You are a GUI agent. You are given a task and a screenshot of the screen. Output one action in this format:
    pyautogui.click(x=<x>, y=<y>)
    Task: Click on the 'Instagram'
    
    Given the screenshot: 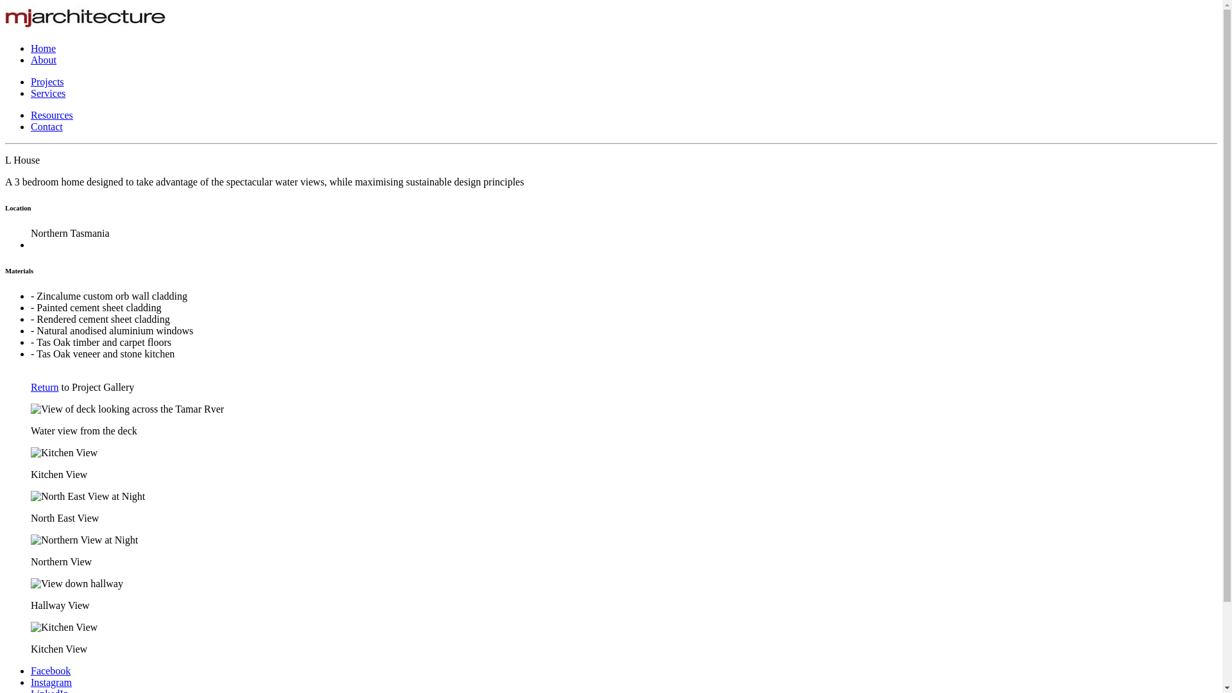 What is the action you would take?
    pyautogui.click(x=51, y=681)
    